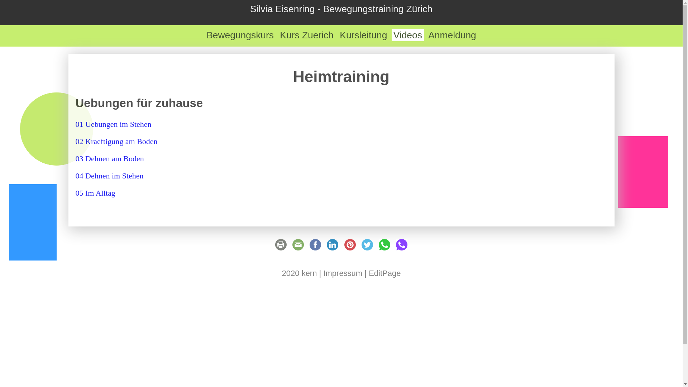 This screenshot has height=387, width=688. I want to click on '02 Kraeftigung am Boden', so click(116, 141).